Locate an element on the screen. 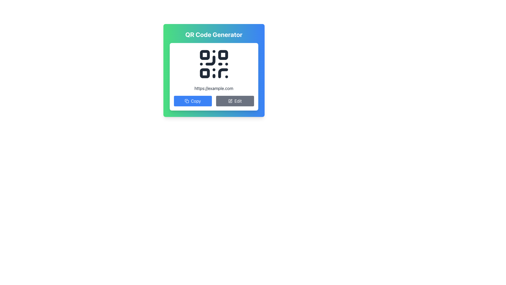 This screenshot has width=506, height=285. the copy icon located to the left of the 'Copy' text label within the Copy button is located at coordinates (187, 101).